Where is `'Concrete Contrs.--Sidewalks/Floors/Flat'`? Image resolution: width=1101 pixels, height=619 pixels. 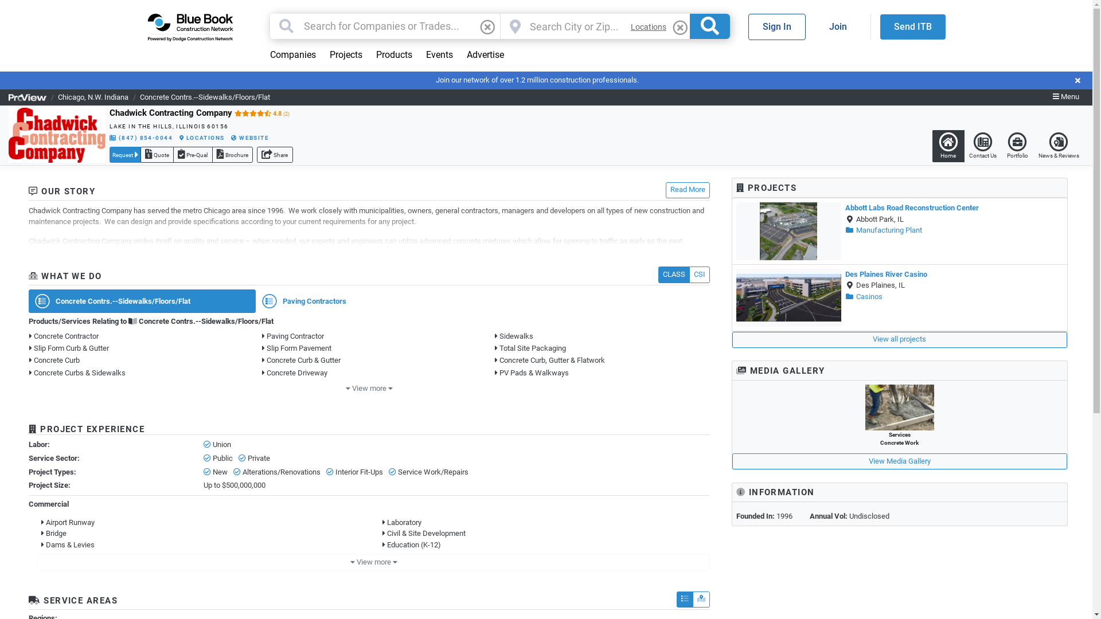 'Concrete Contrs.--Sidewalks/Floors/Flat' is located at coordinates (205, 96).